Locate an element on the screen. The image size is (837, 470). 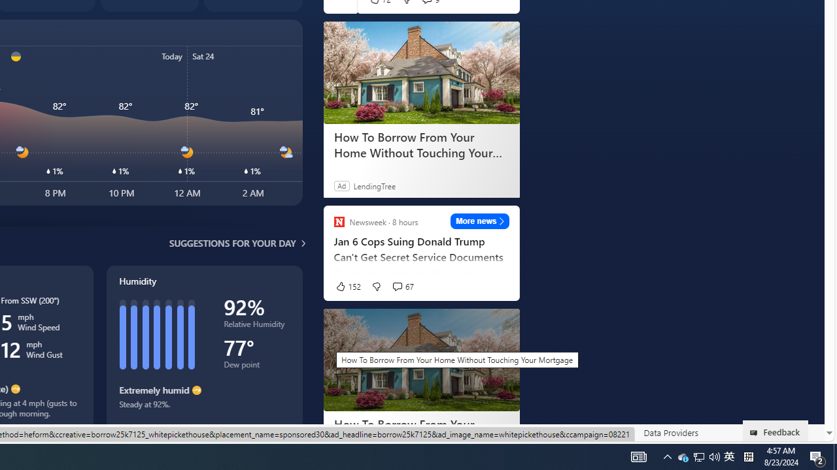
'Data Providers' is located at coordinates (670, 433).